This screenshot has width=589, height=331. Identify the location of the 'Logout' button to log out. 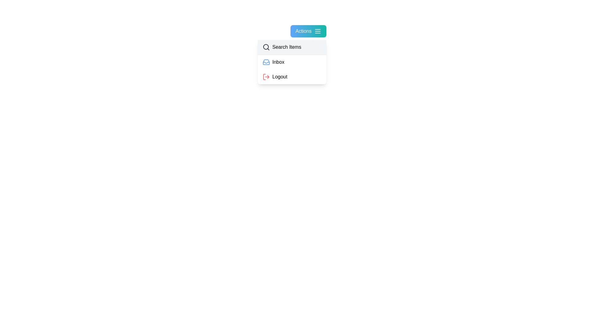
(291, 76).